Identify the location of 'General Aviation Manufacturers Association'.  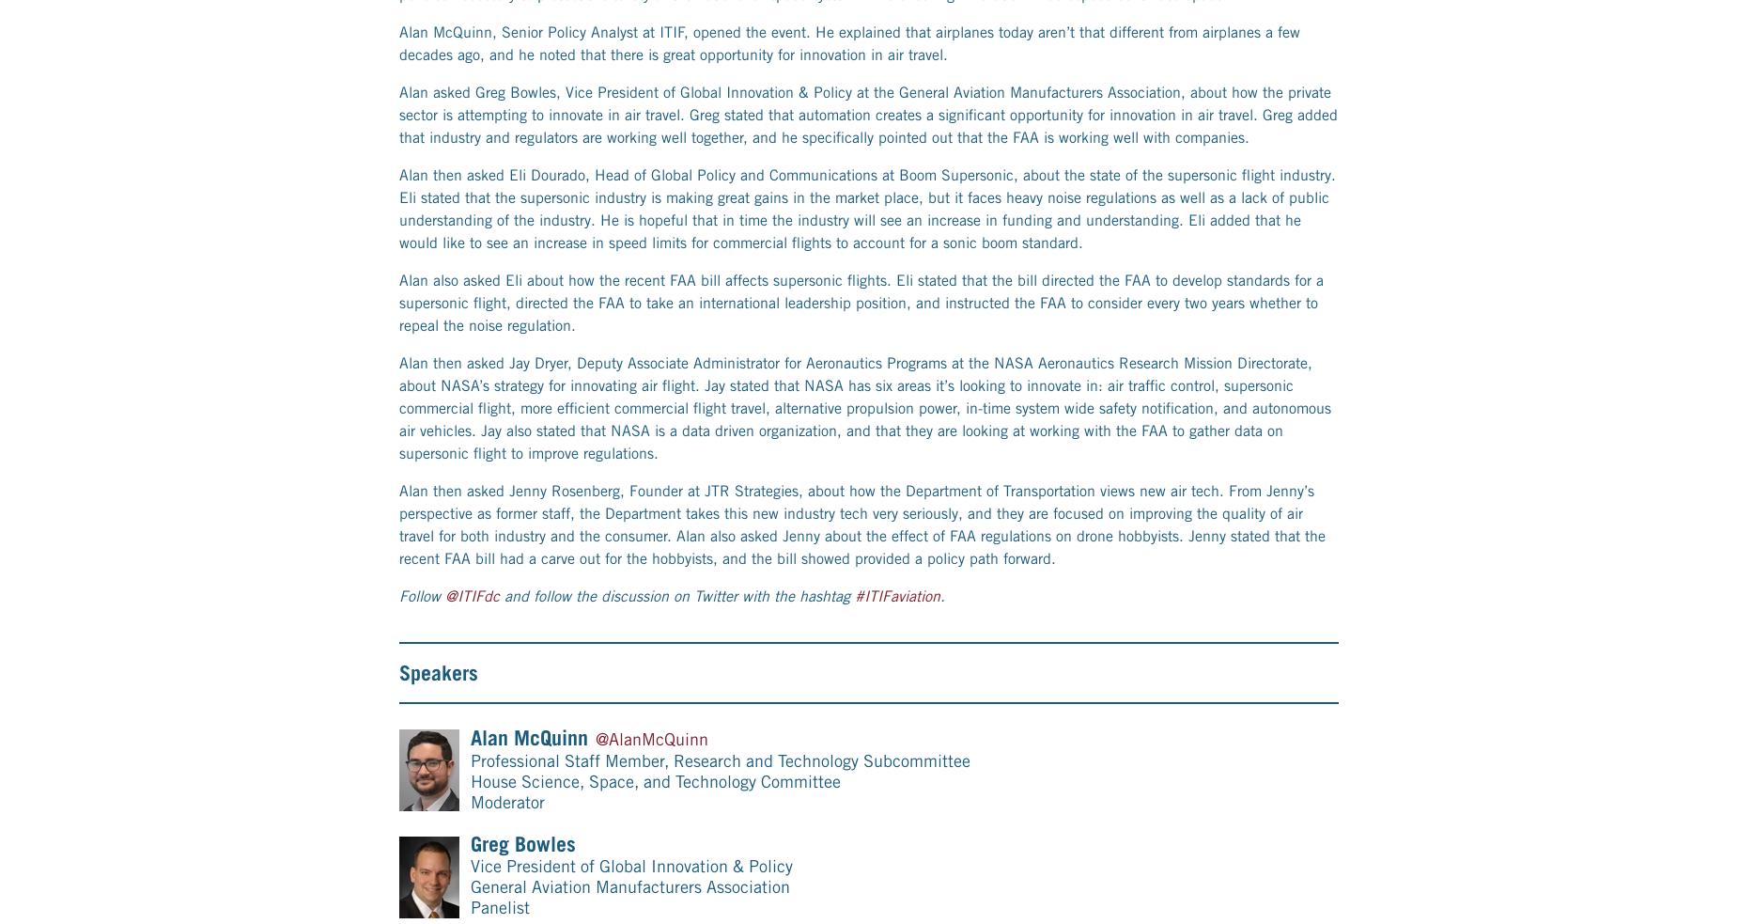
(629, 8).